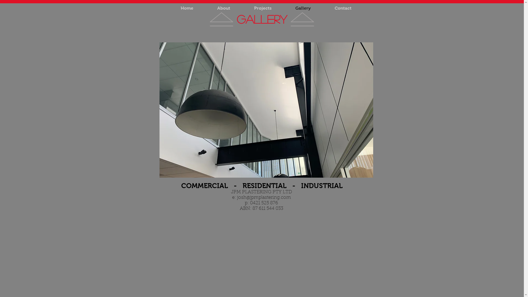  What do you see at coordinates (264, 197) in the screenshot?
I see `'josh@jpmplastering.com'` at bounding box center [264, 197].